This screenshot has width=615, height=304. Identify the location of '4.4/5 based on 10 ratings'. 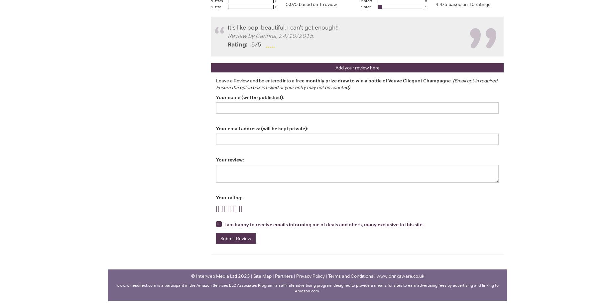
(463, 4).